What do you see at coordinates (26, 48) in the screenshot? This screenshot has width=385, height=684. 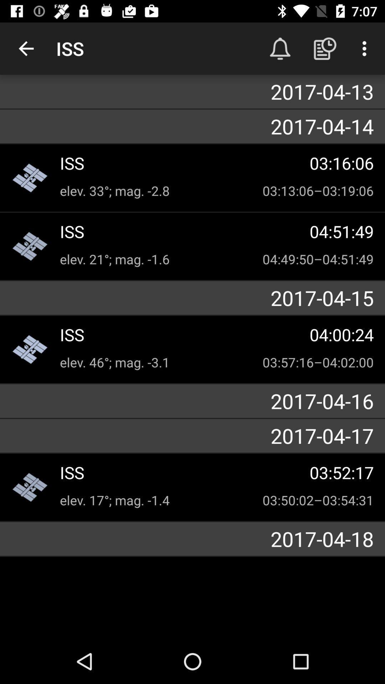 I see `icon next to iss icon` at bounding box center [26, 48].